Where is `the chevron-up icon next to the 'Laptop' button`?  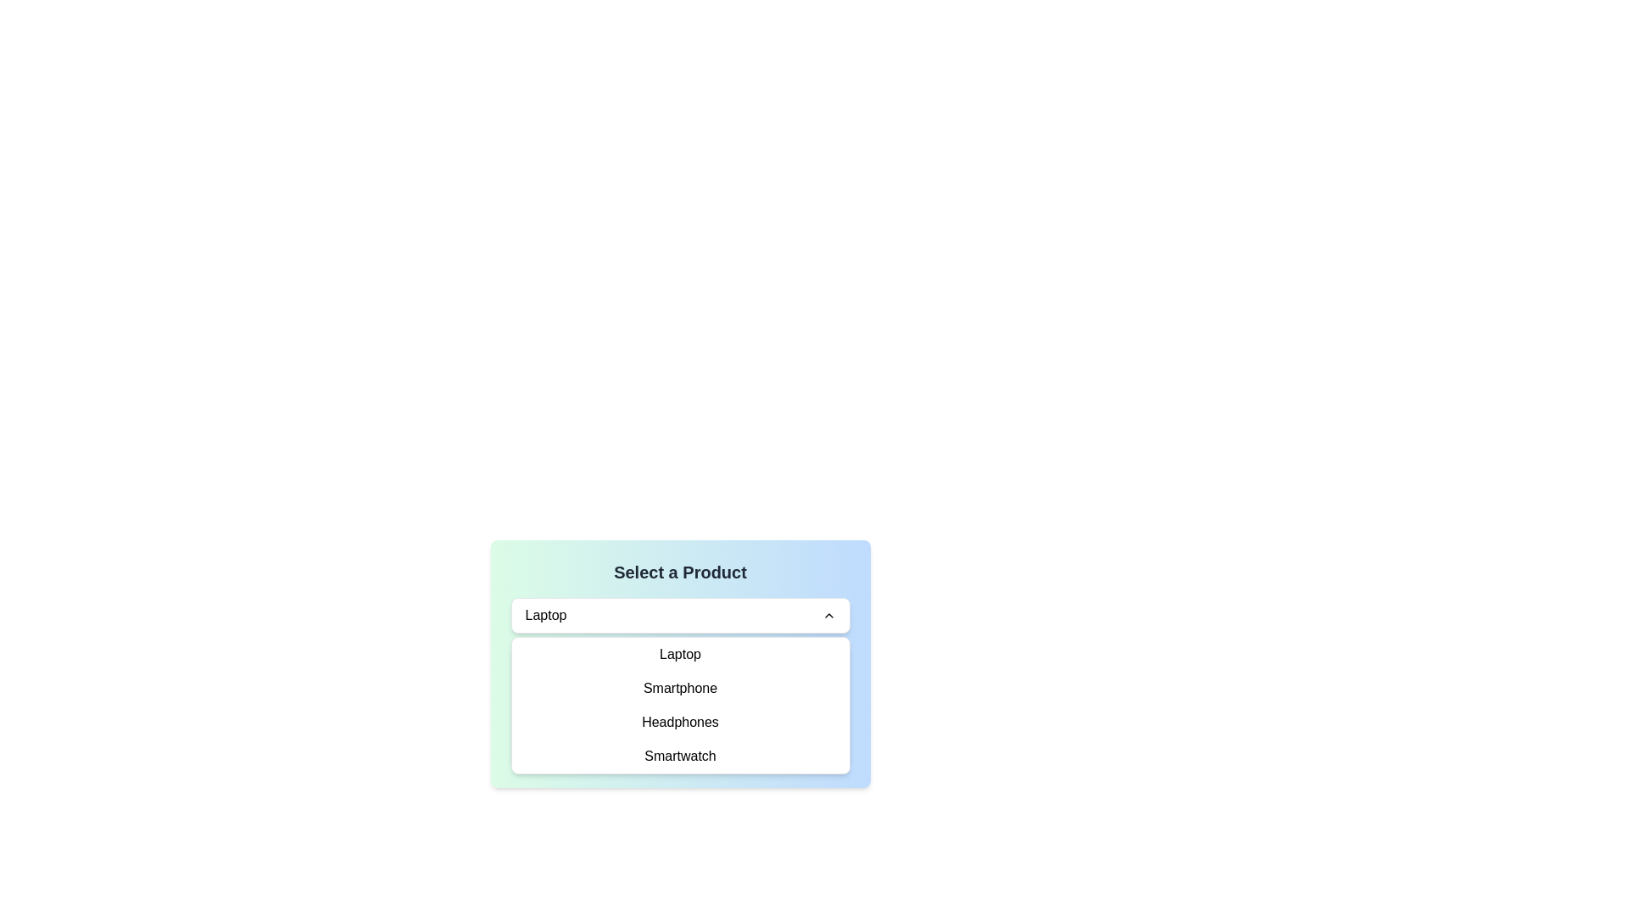 the chevron-up icon next to the 'Laptop' button is located at coordinates (828, 615).